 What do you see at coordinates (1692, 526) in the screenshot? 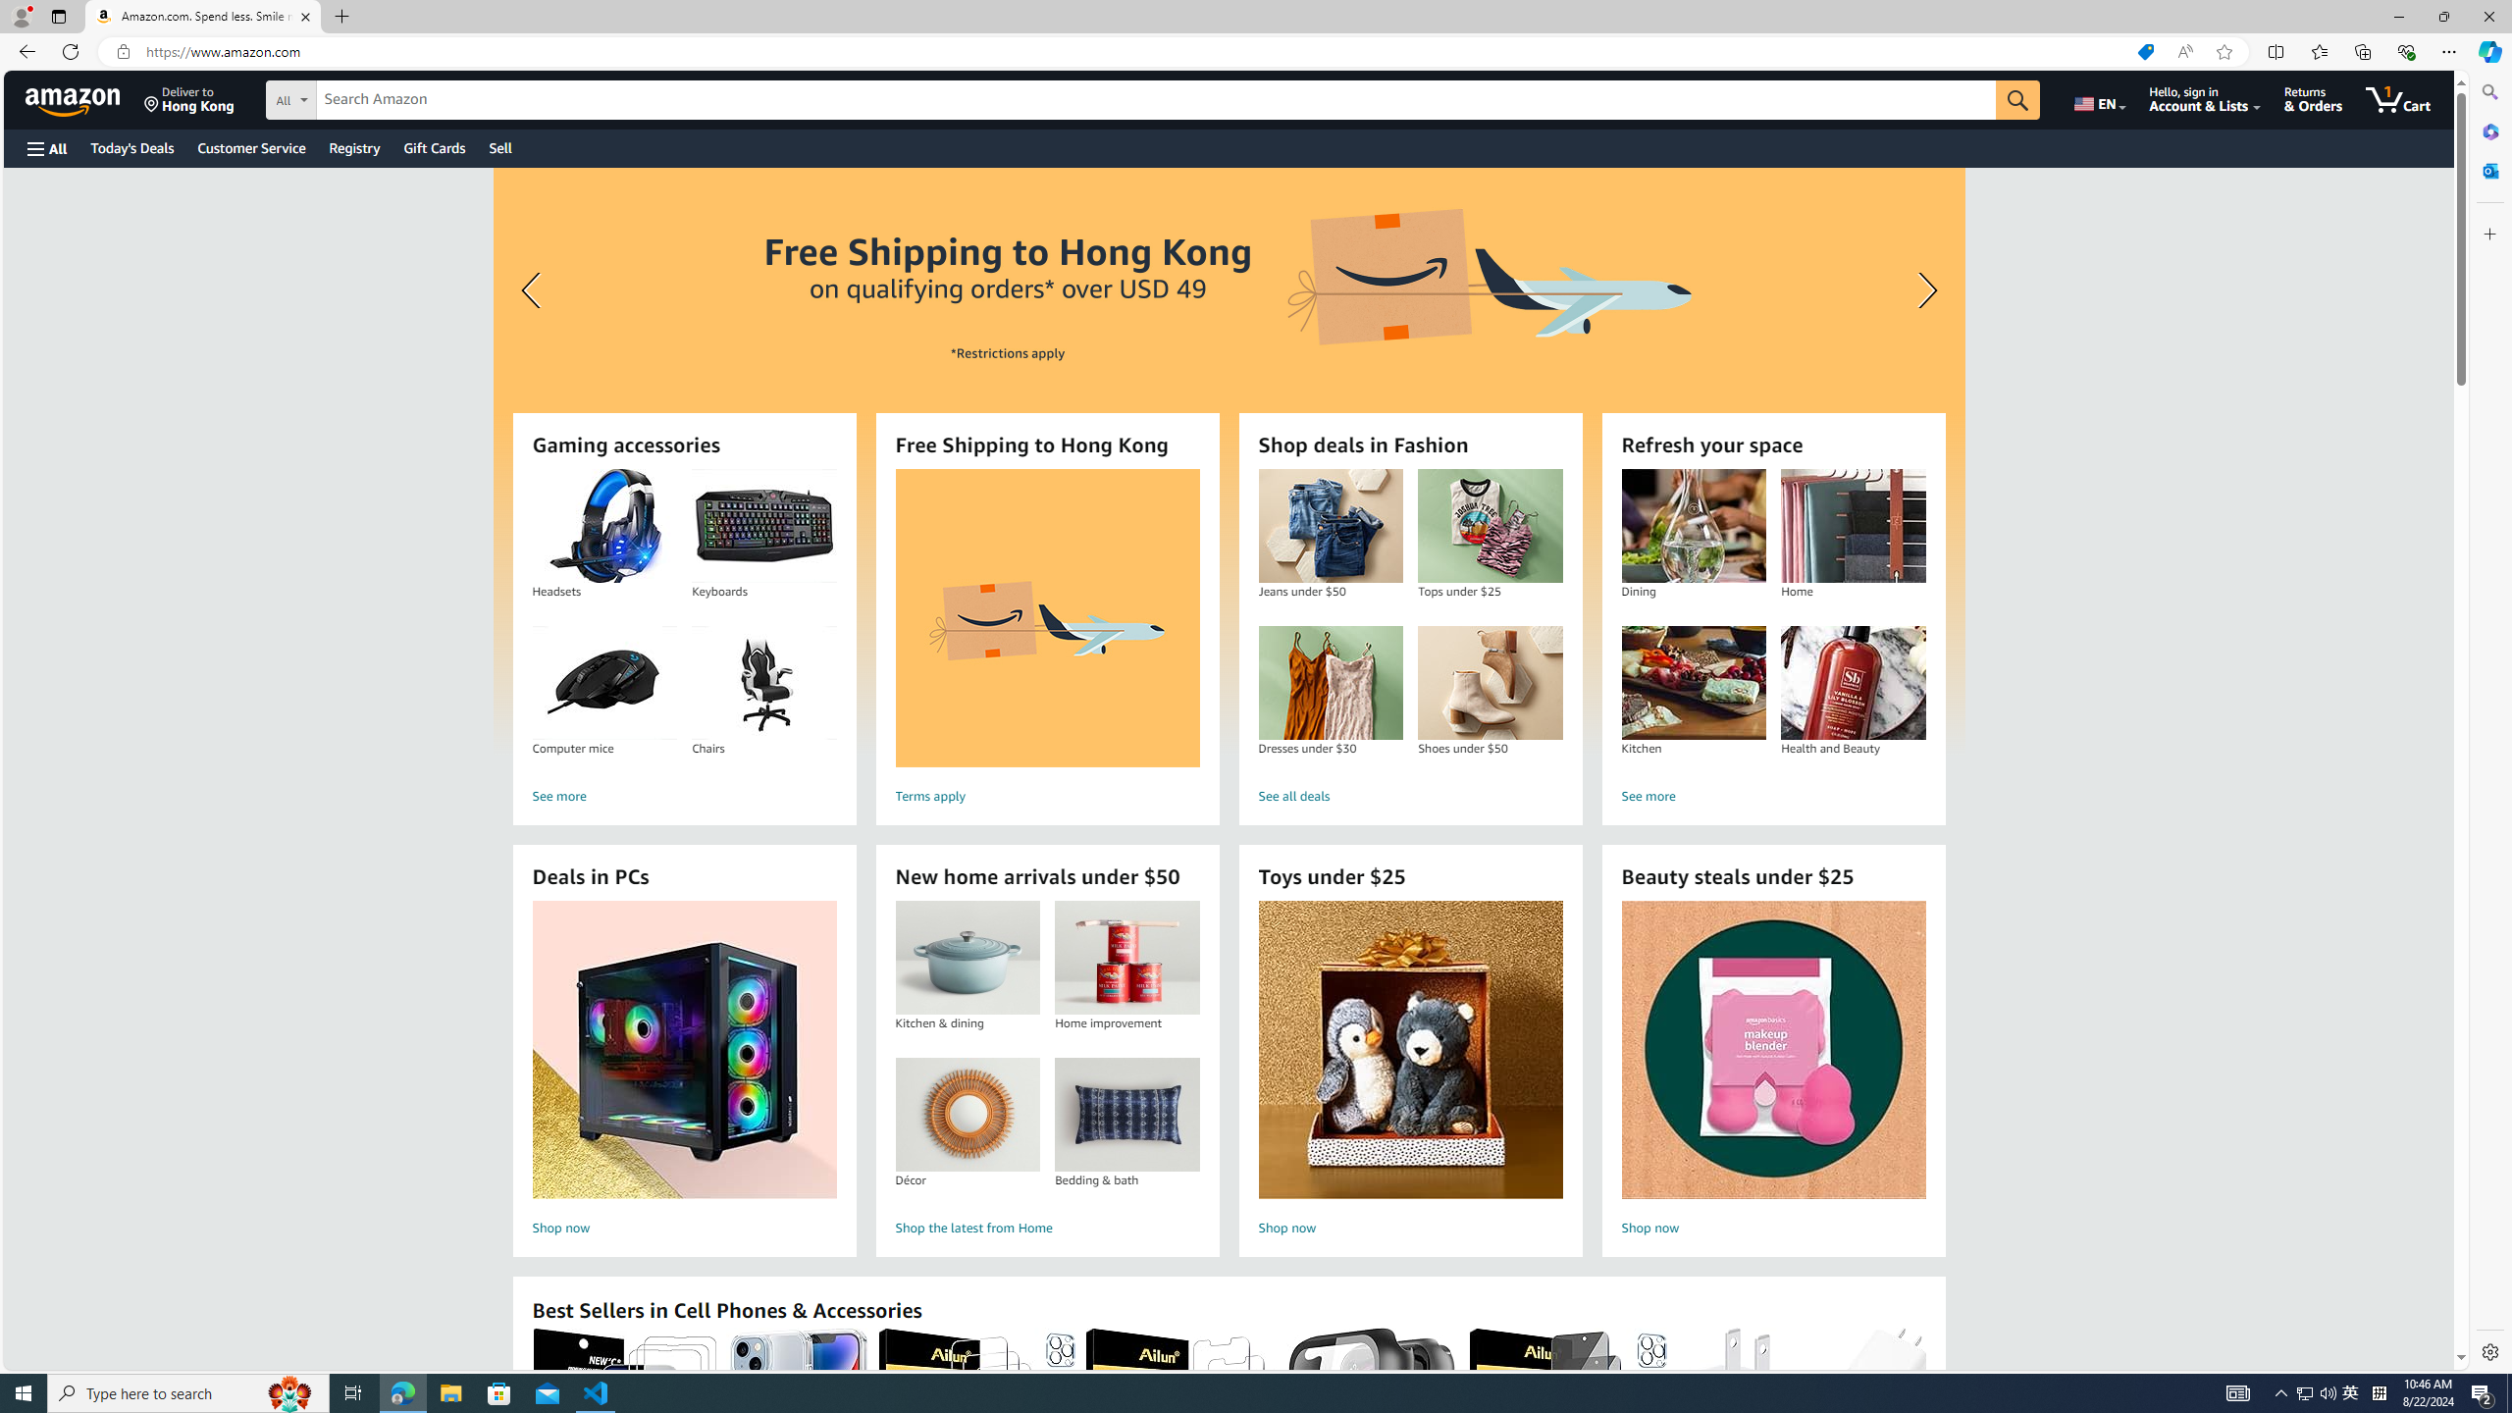
I see `'Dining'` at bounding box center [1692, 526].